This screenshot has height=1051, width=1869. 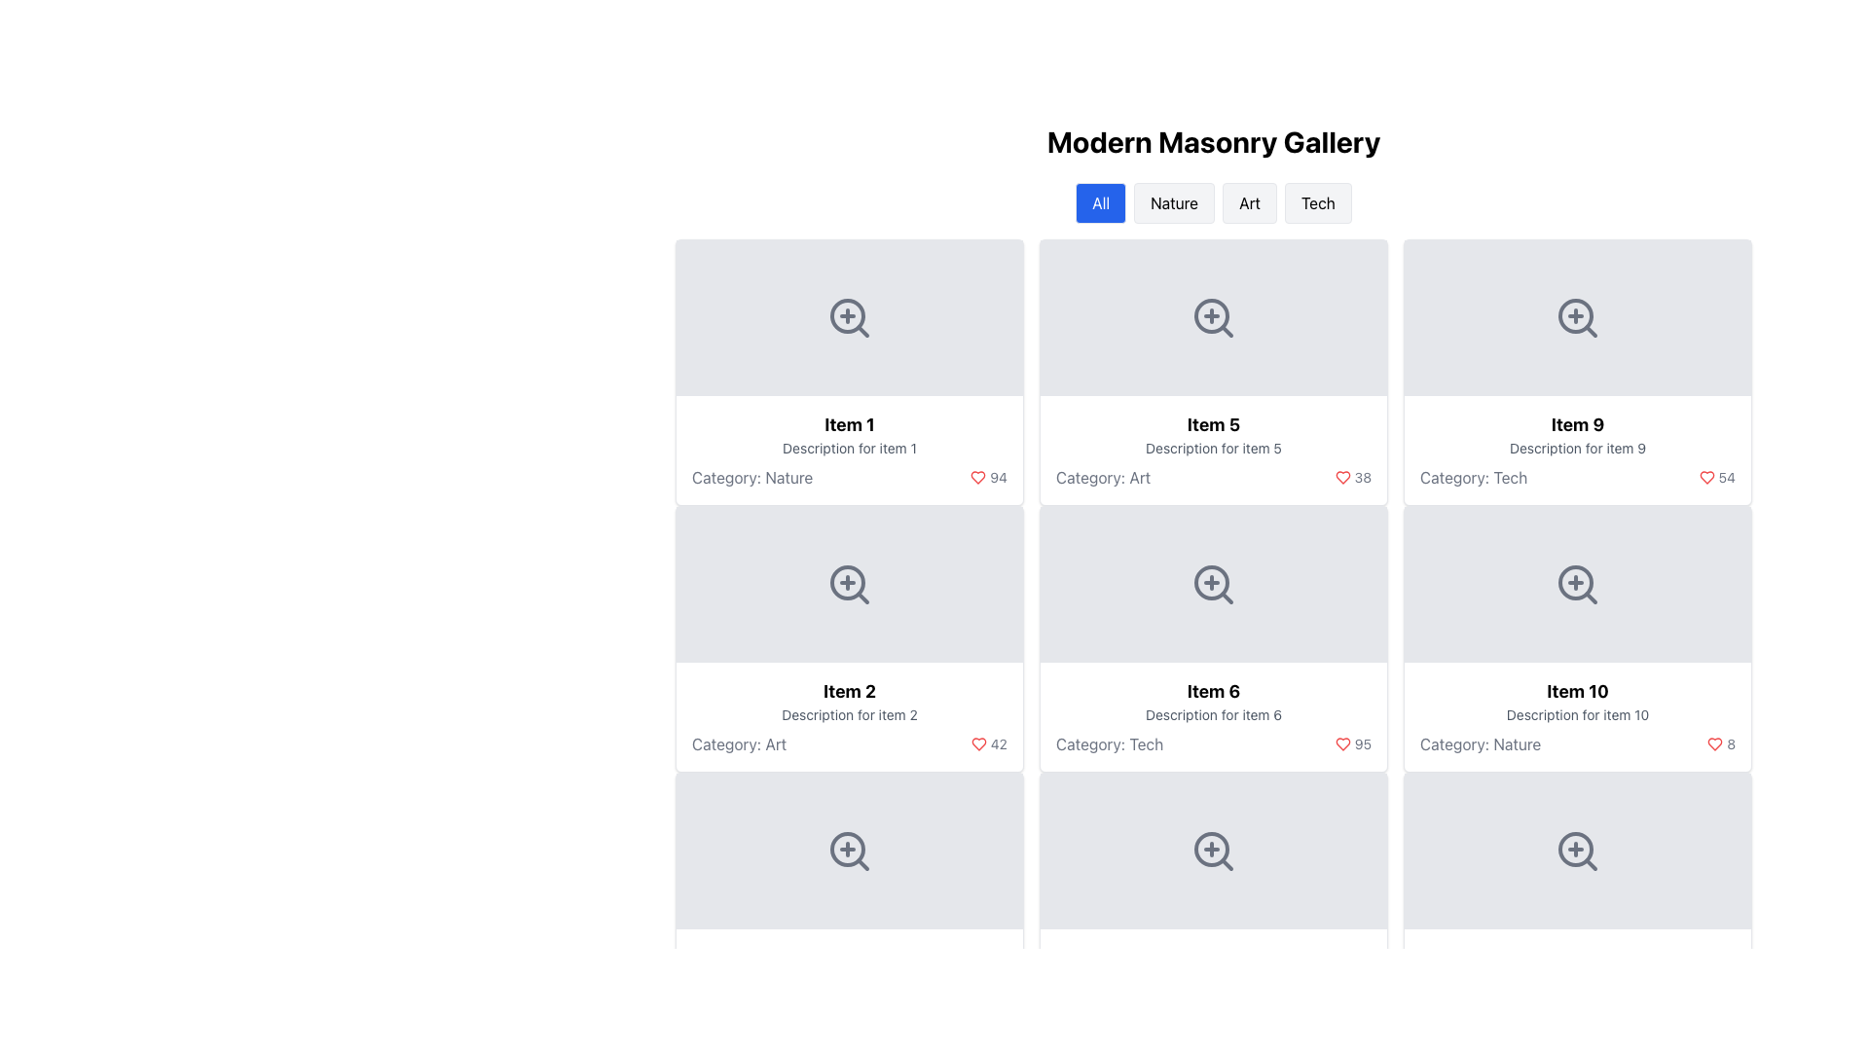 What do you see at coordinates (850, 584) in the screenshot?
I see `the rectangular light gray area at the top of the 'Item 2' block, which contains a centered dark gray magnifying glass icon with a plus sign` at bounding box center [850, 584].